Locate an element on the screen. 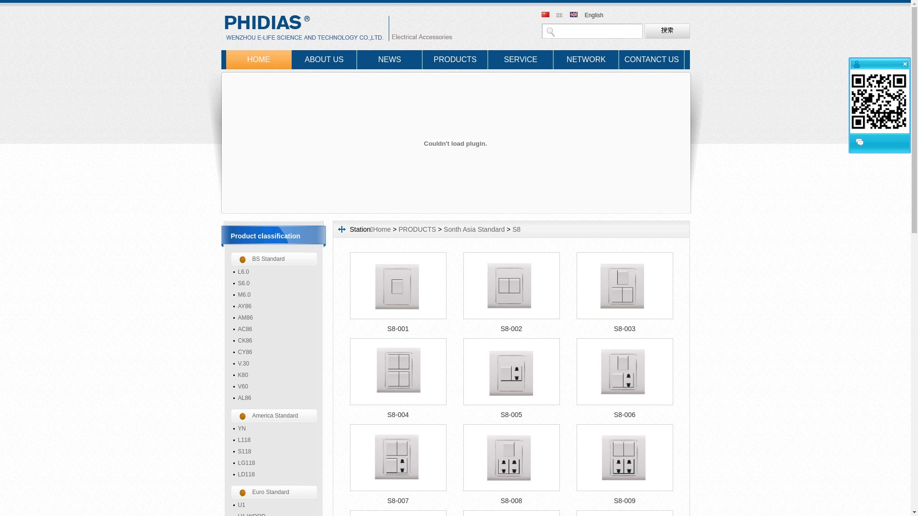 This screenshot has height=516, width=918. 'S118' is located at coordinates (220, 451).